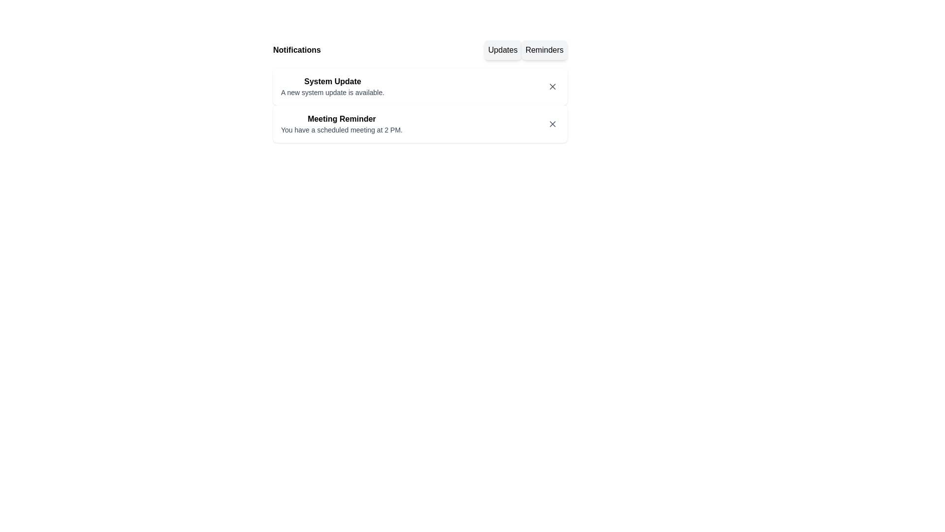 The width and height of the screenshot is (945, 532). What do you see at coordinates (544, 50) in the screenshot?
I see `the button labeled Reminders to filter notifications by the selected category` at bounding box center [544, 50].